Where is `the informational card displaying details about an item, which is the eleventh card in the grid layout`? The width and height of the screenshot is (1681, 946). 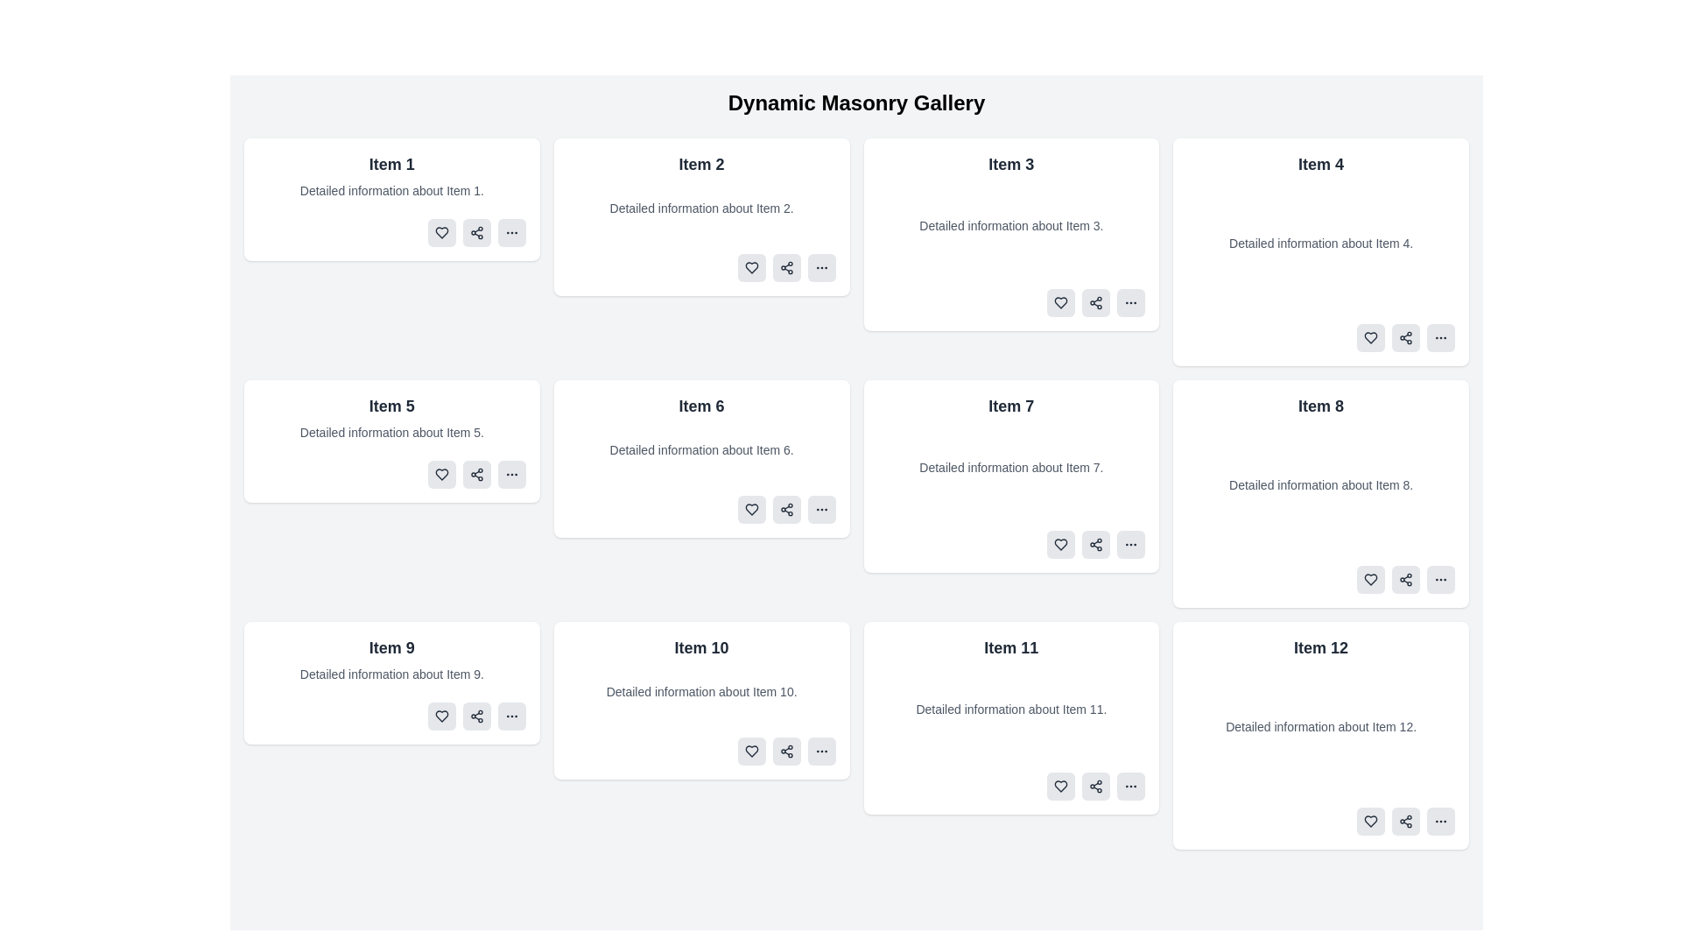 the informational card displaying details about an item, which is the eleventh card in the grid layout is located at coordinates (1011, 718).